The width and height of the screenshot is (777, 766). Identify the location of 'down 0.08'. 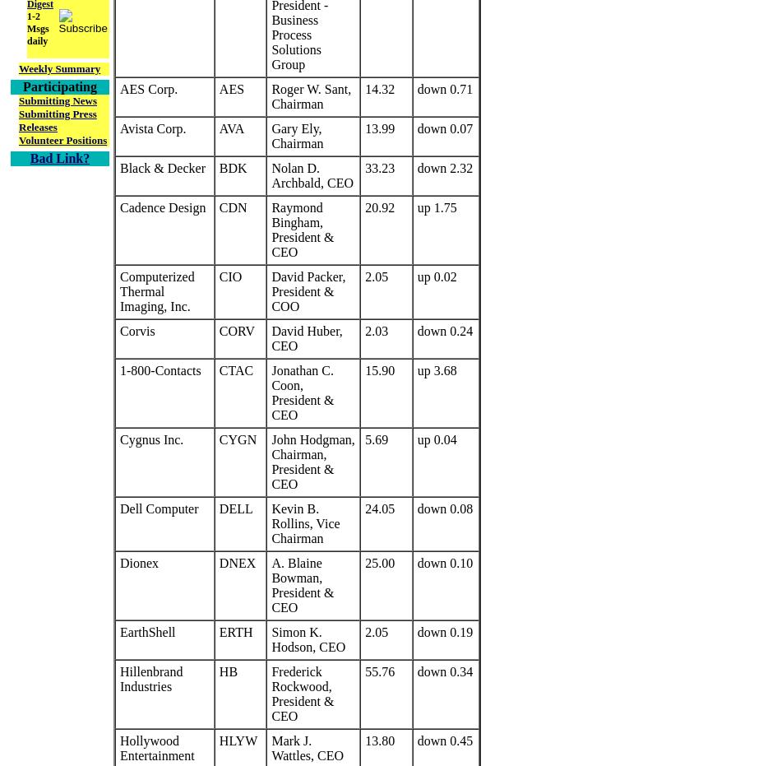
(445, 508).